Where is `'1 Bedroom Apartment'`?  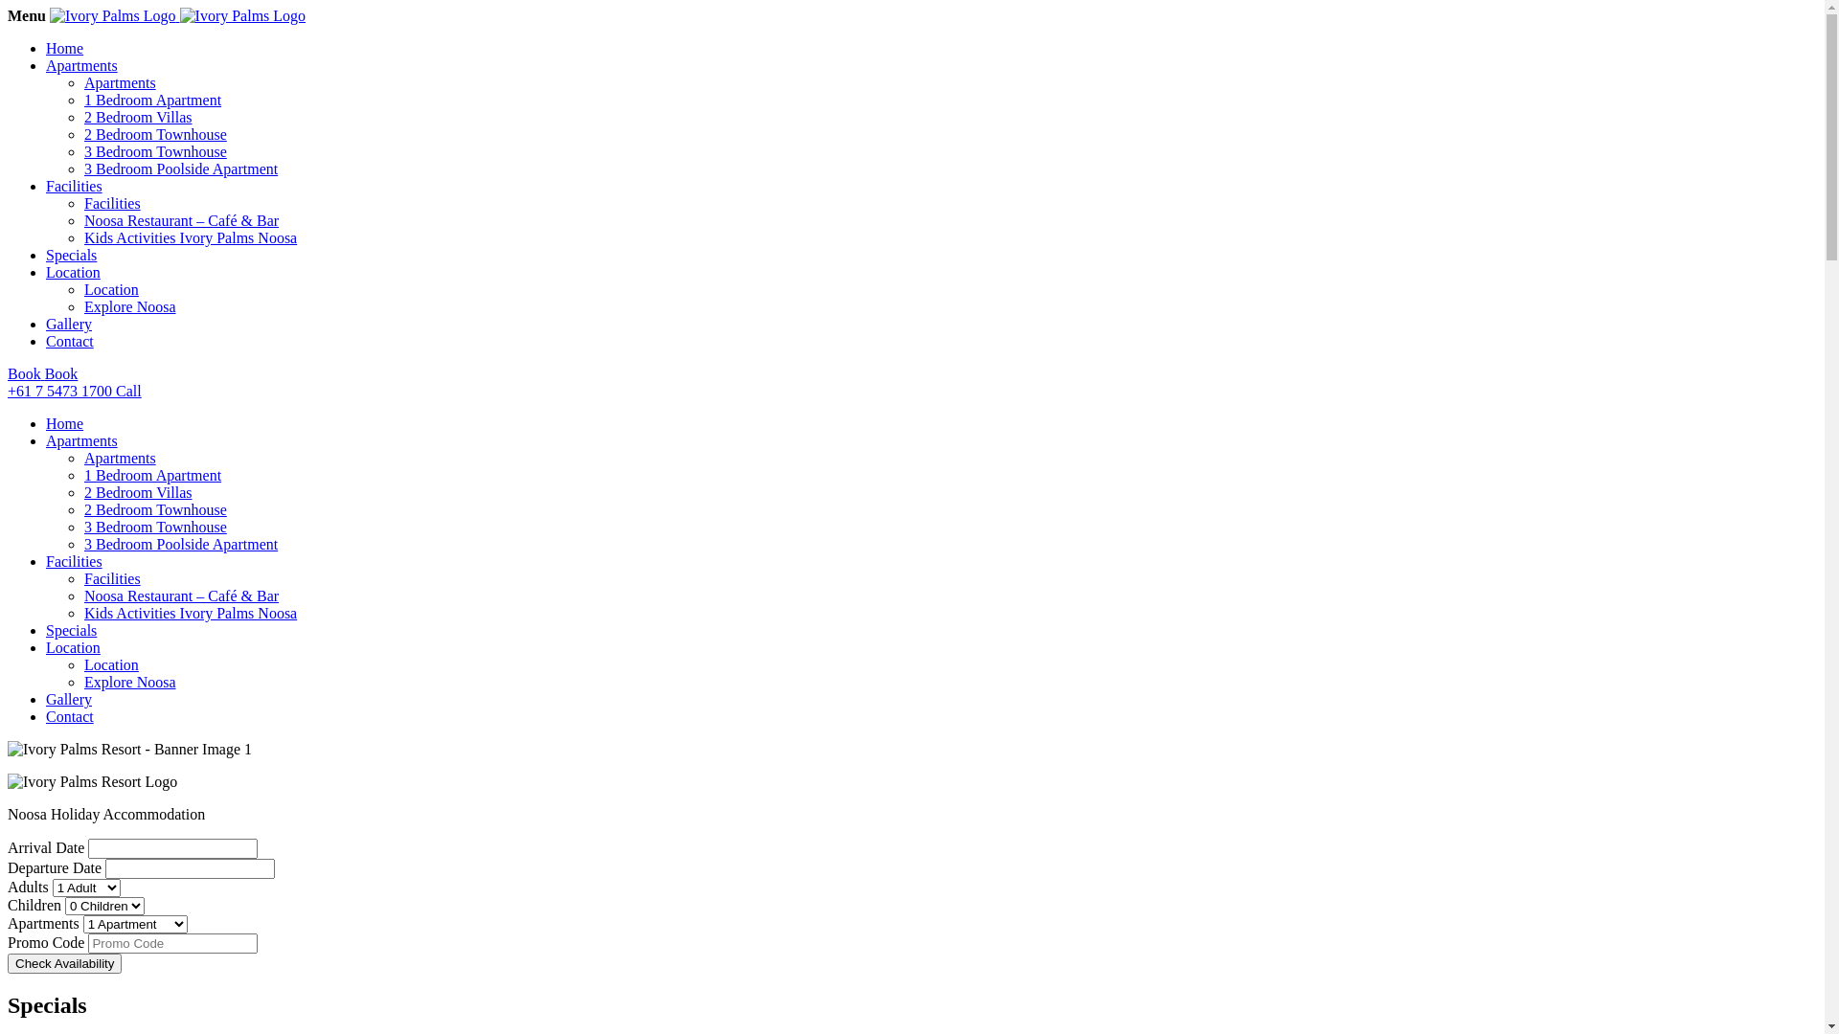 '1 Bedroom Apartment' is located at coordinates (151, 474).